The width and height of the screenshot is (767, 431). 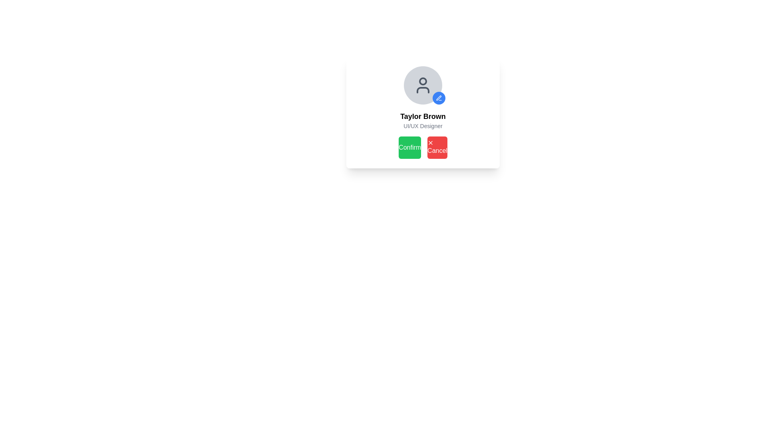 What do you see at coordinates (438, 97) in the screenshot?
I see `the small graphical icon resembling a diagonal pen or pencil, located at the top-right of the user profile section, which indicates edit functionality` at bounding box center [438, 97].